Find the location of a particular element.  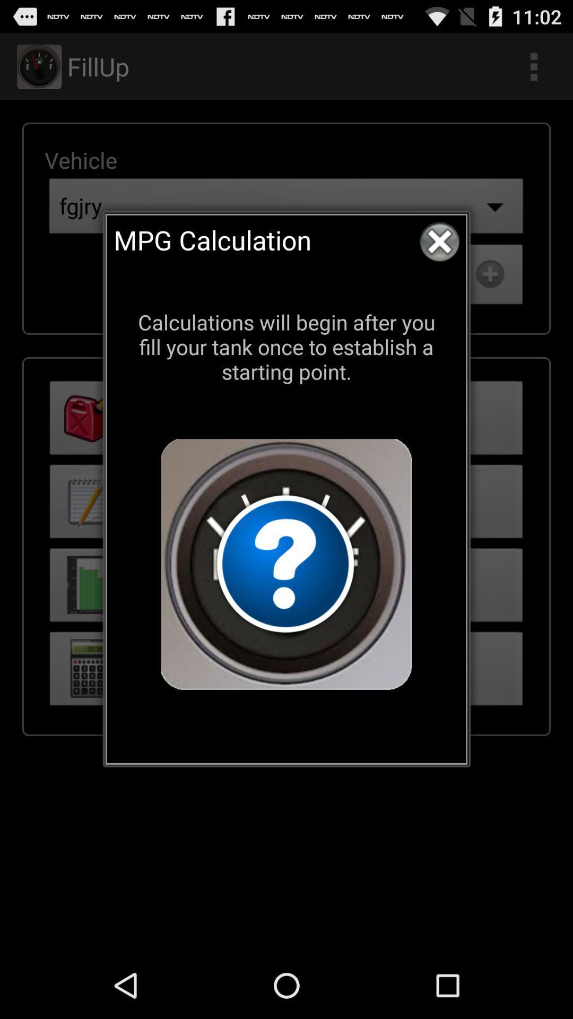

icon to the right of the mpg calculation icon is located at coordinates (439, 241).